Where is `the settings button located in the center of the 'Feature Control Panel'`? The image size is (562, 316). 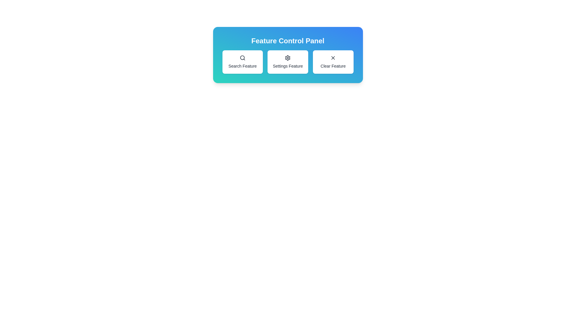
the settings button located in the center of the 'Feature Control Panel' is located at coordinates (288, 62).